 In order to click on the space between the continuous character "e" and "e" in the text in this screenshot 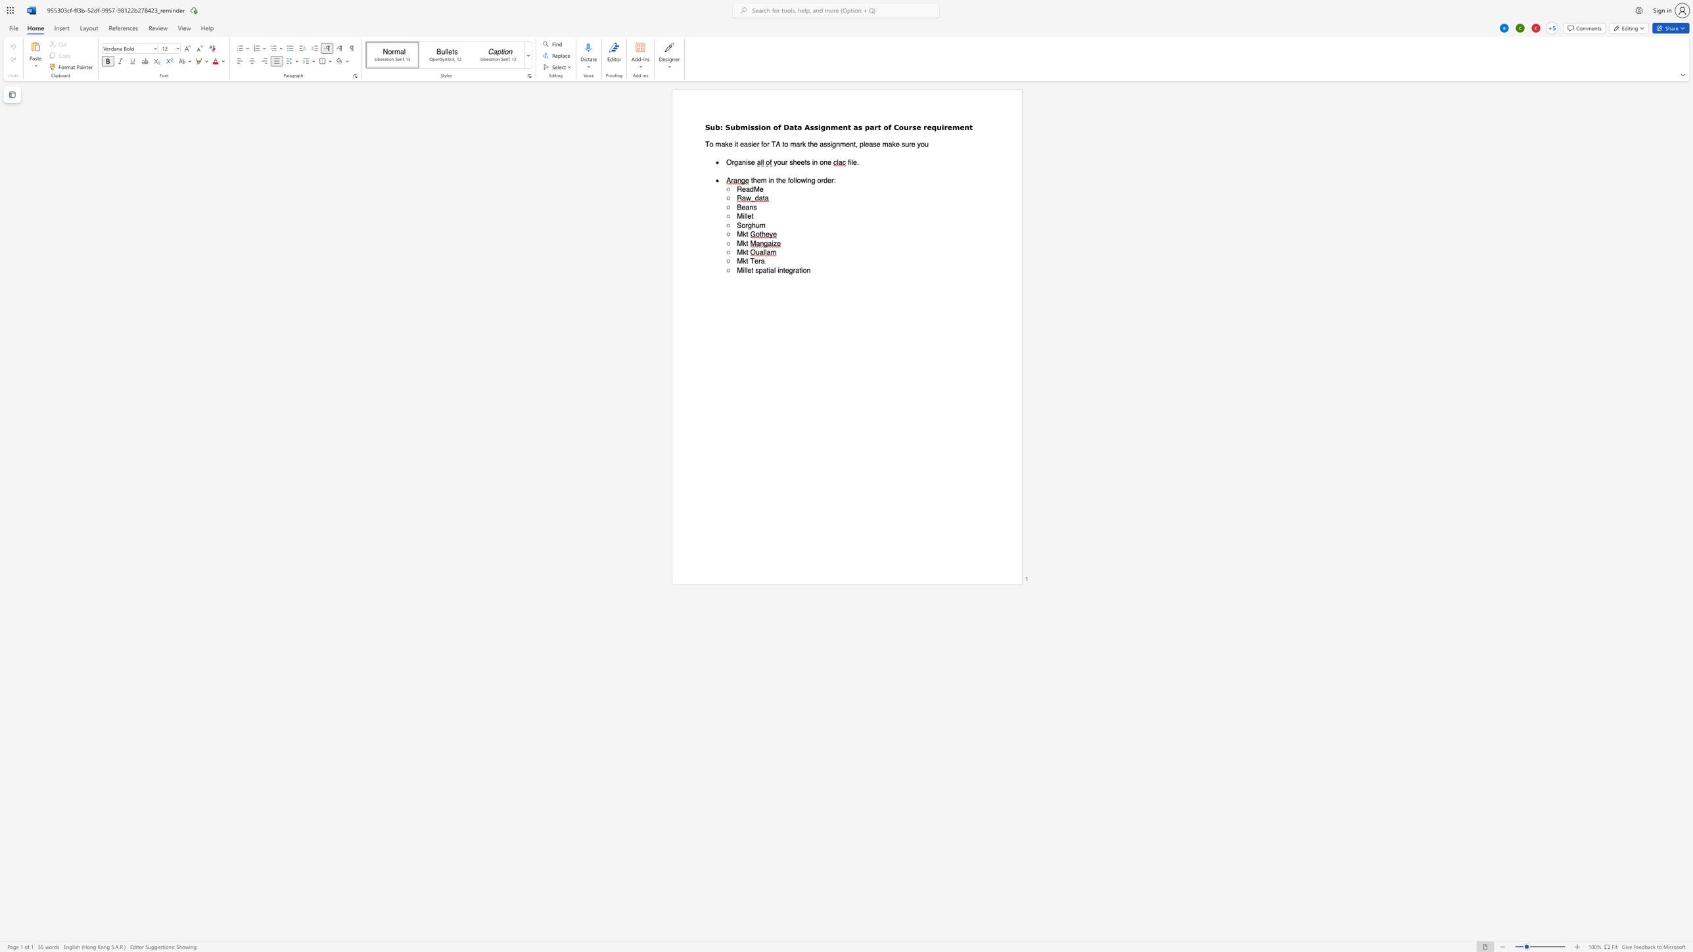, I will do `click(800, 162)`.